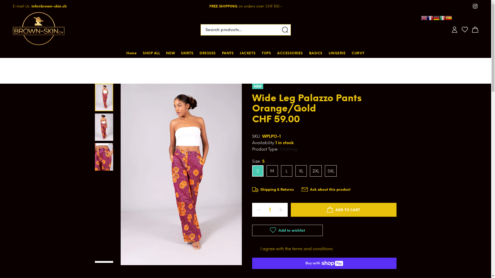 The height and width of the screenshot is (278, 495). I want to click on 'Shipping & Returns', so click(273, 190).